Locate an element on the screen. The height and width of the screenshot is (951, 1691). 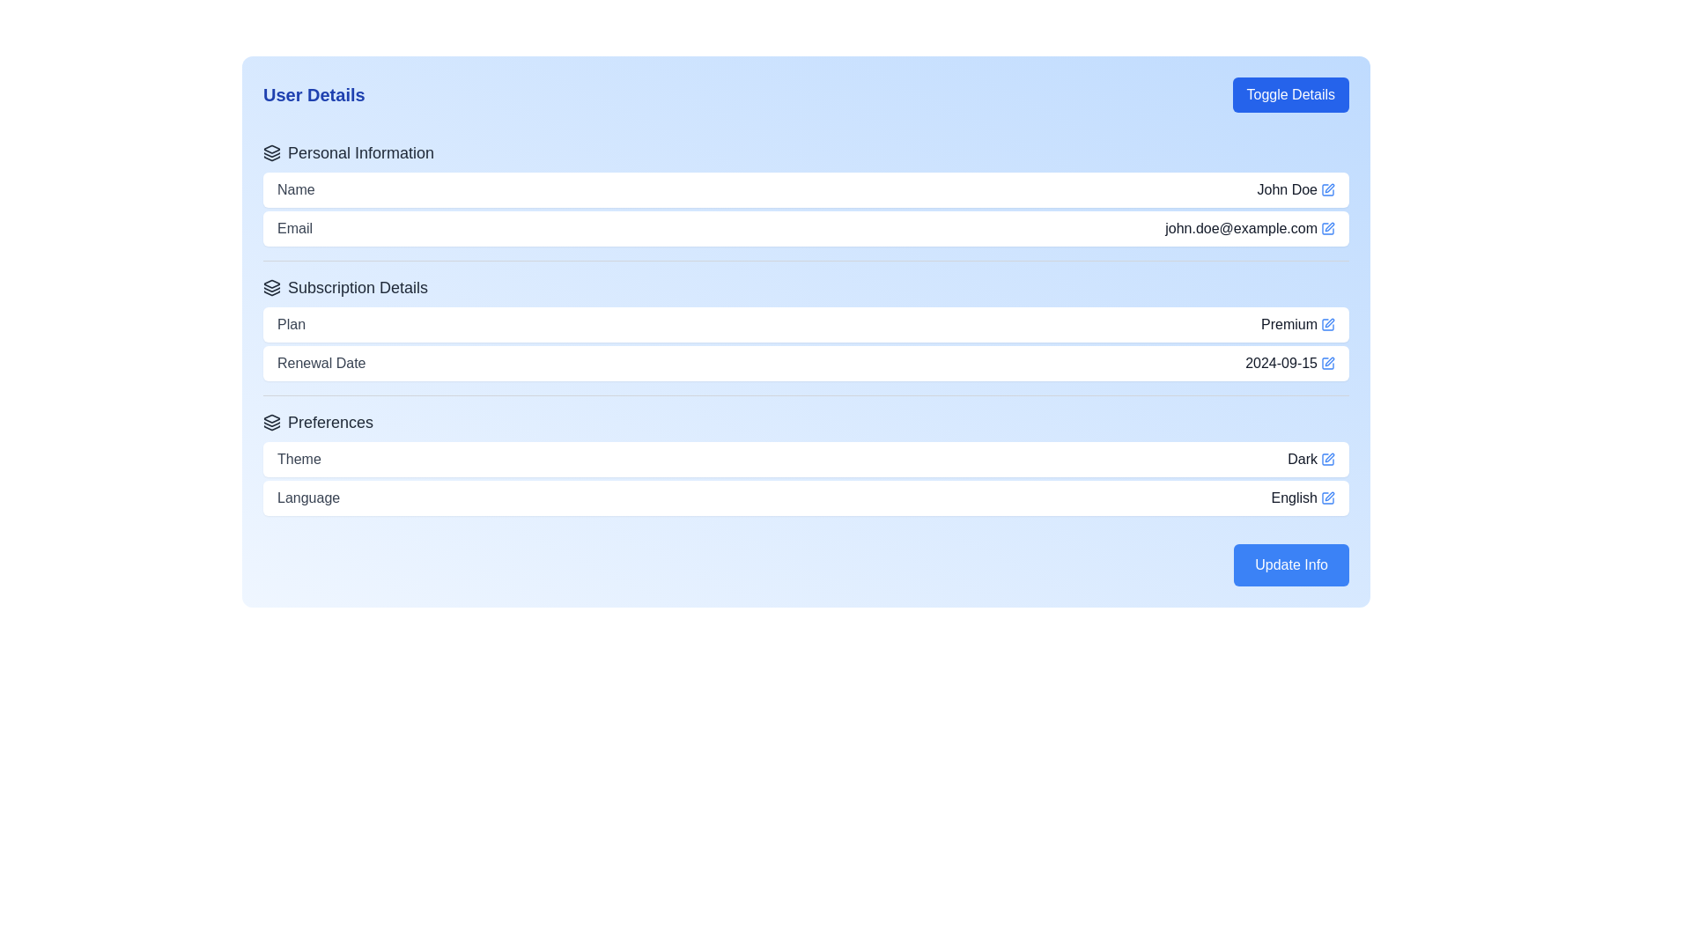
the square outline icon with a thin blue stroke that is part of the edit button, located at the top right corner of the 'Name' field in the 'Personal Information' section is located at coordinates (1327, 190).